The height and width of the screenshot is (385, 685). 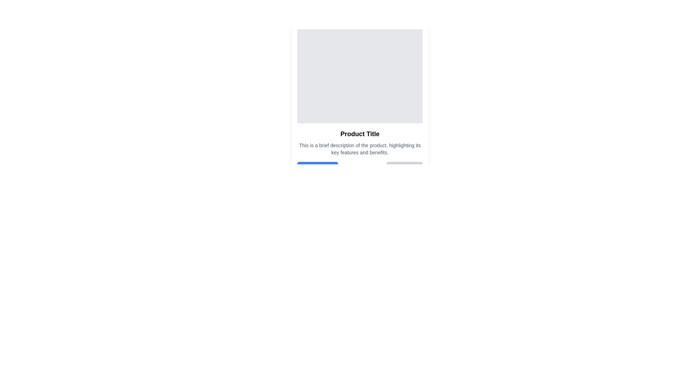 I want to click on the product card, which features a white background with a centered image, a bold title, a short description, and 'Download' and 'Wishlist' buttons at the bottom, so click(x=360, y=102).